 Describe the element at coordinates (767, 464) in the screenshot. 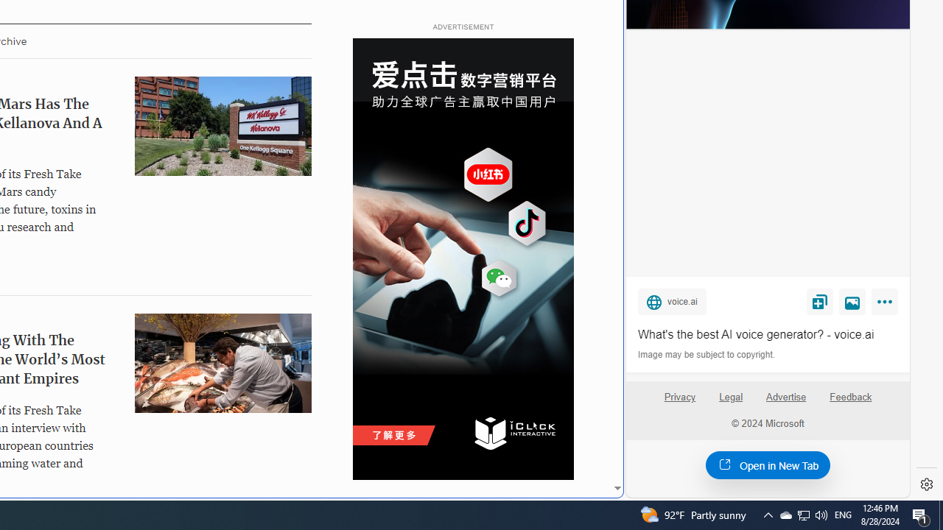

I see `'Open in New Tab'` at that location.